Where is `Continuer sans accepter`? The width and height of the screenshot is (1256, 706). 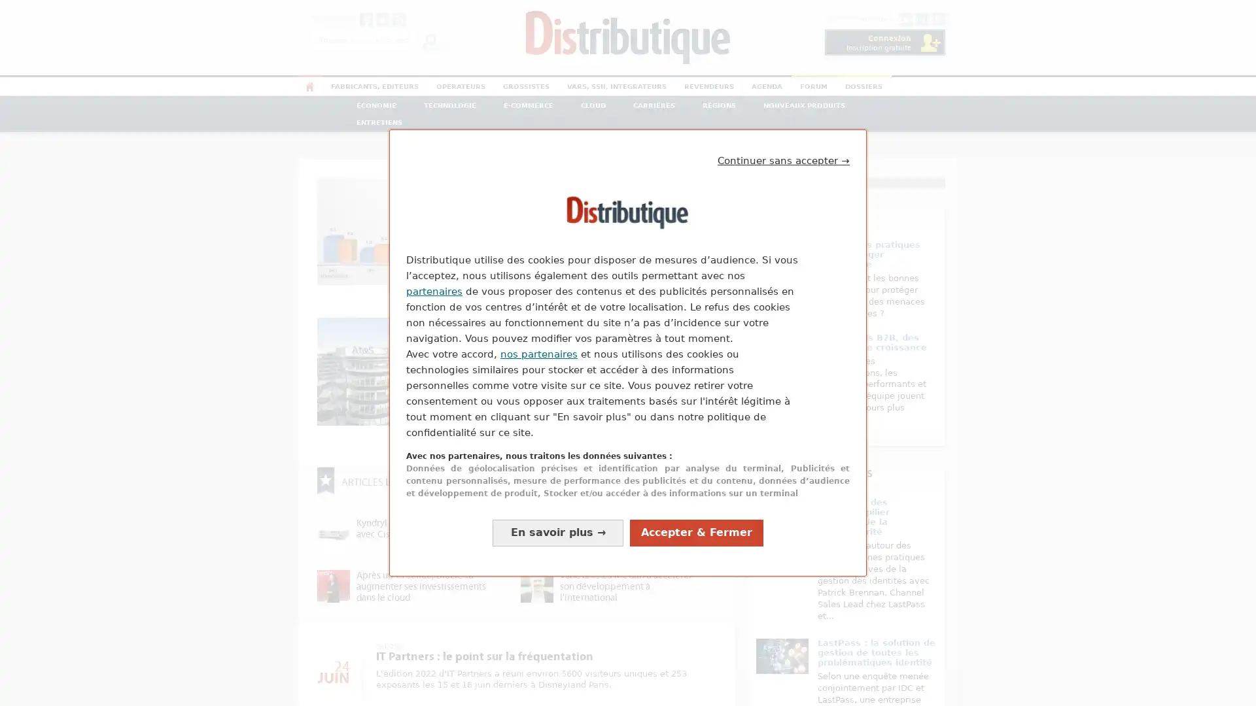 Continuer sans accepter is located at coordinates (784, 160).